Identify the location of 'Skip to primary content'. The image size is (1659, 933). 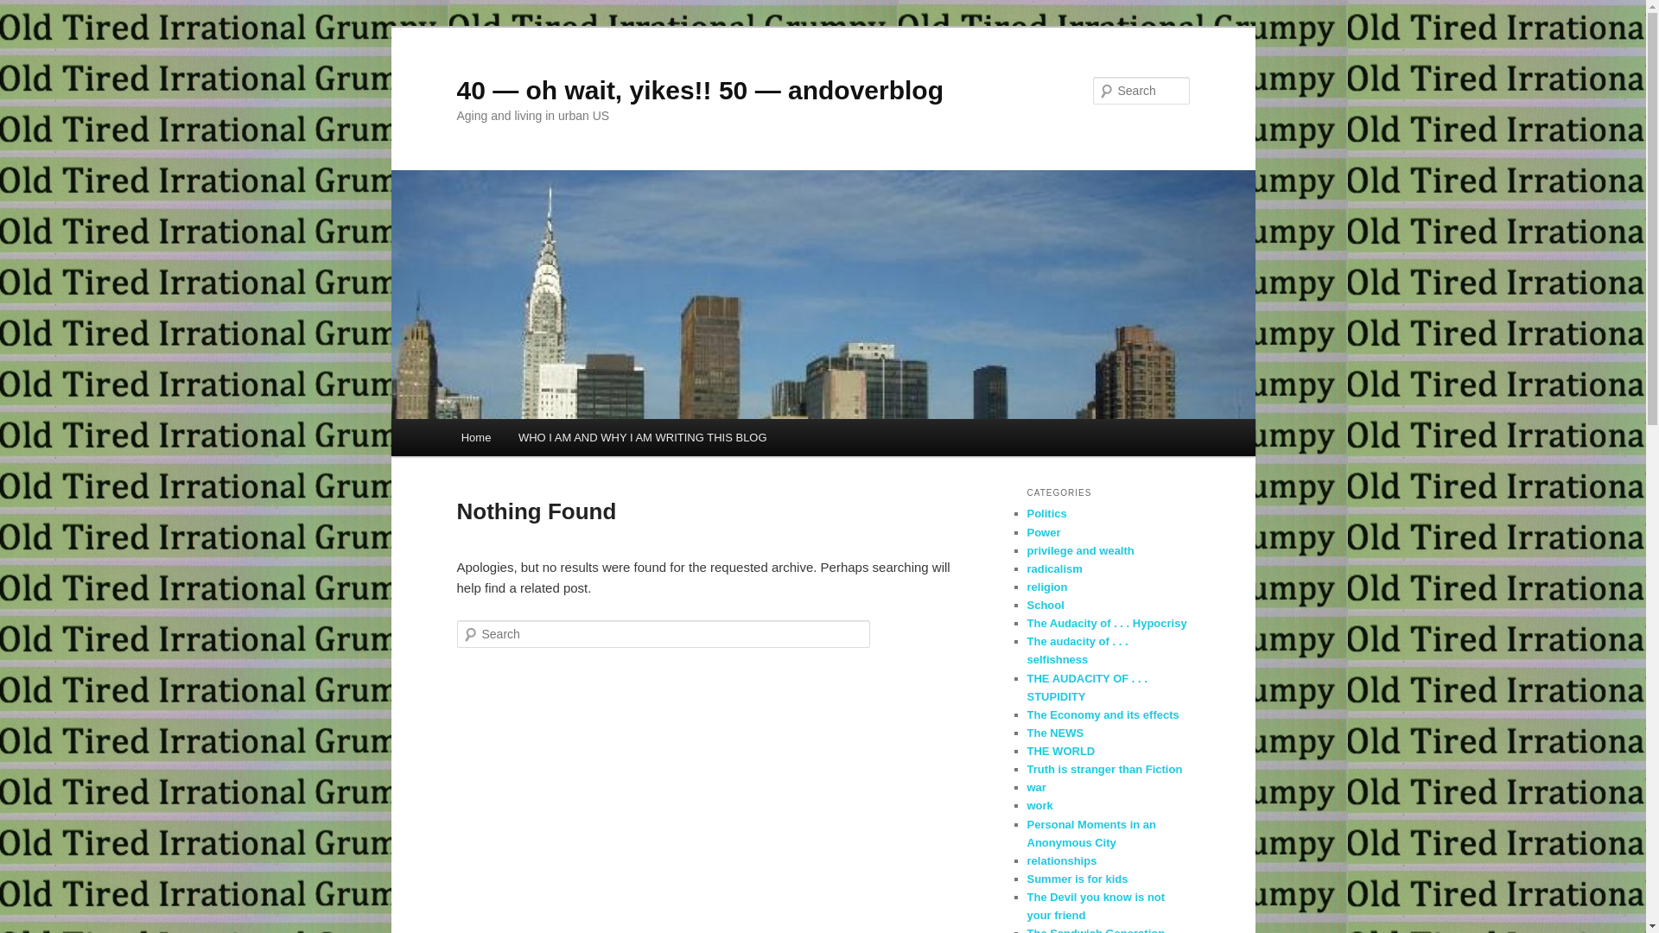
(472, 419).